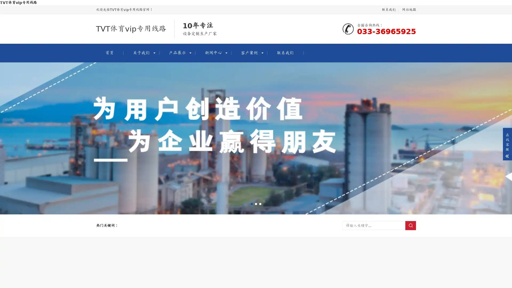 The image size is (512, 288). I want to click on Go to slide 1, so click(251, 204).